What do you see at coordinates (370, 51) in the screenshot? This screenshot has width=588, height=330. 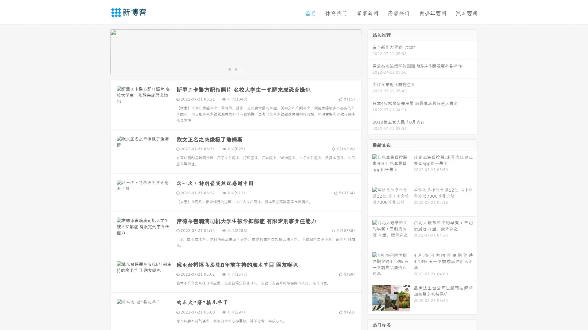 I see `Next slide` at bounding box center [370, 51].